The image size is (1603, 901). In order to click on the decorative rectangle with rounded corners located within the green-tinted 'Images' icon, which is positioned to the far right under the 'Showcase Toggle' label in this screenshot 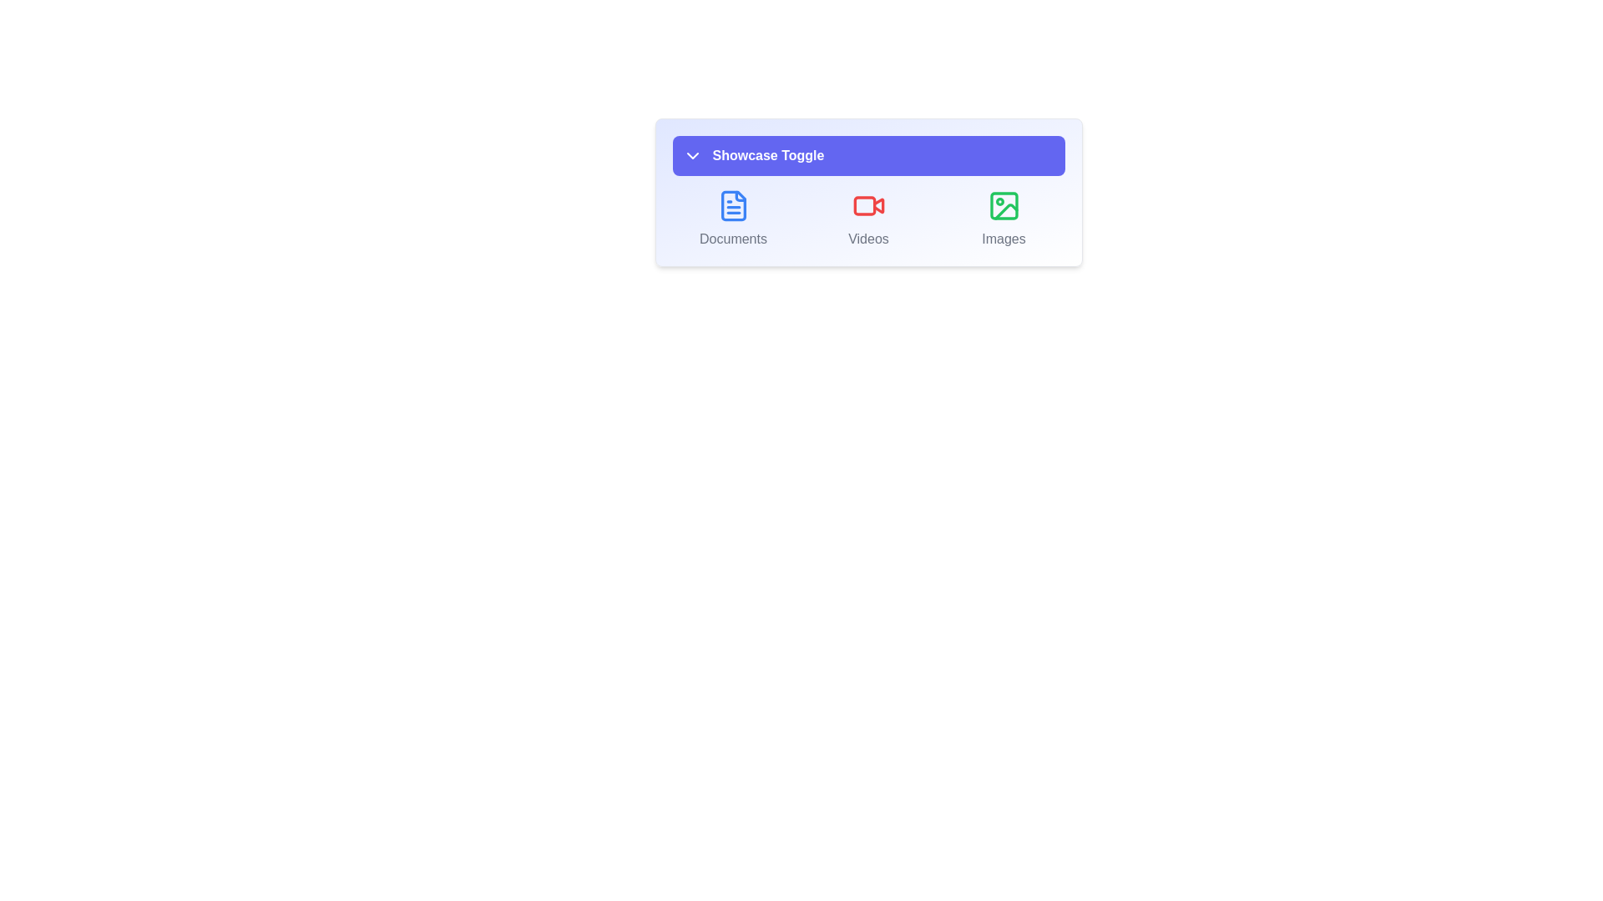, I will do `click(1003, 204)`.